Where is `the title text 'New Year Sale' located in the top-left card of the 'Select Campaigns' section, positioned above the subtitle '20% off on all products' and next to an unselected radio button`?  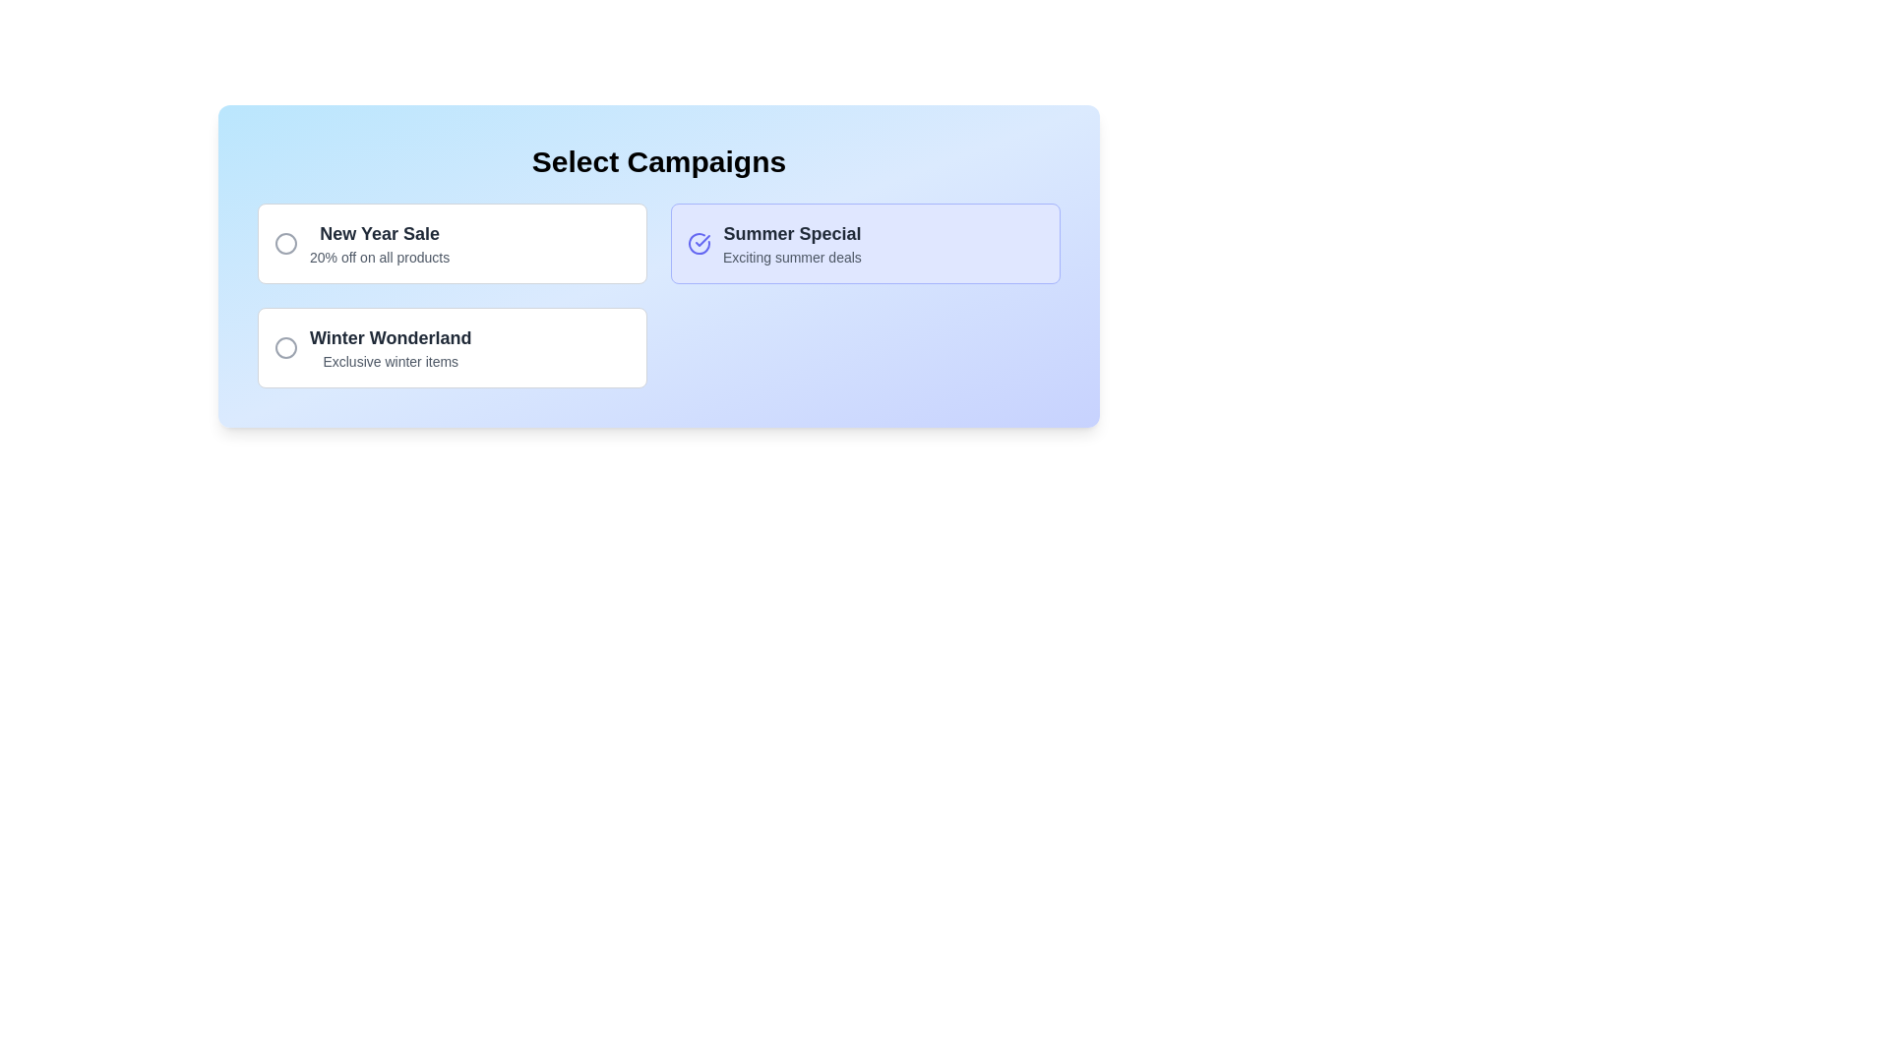
the title text 'New Year Sale' located in the top-left card of the 'Select Campaigns' section, positioned above the subtitle '20% off on all products' and next to an unselected radio button is located at coordinates (380, 233).